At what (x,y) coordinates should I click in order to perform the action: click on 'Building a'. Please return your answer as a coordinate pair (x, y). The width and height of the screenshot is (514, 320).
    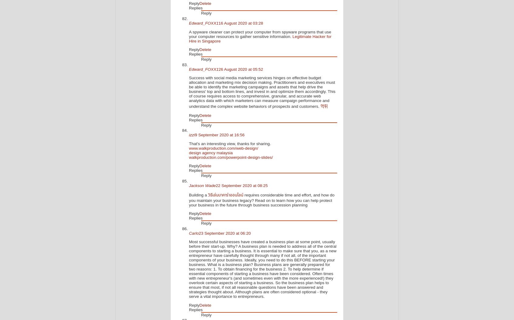
    Looking at the image, I should click on (198, 195).